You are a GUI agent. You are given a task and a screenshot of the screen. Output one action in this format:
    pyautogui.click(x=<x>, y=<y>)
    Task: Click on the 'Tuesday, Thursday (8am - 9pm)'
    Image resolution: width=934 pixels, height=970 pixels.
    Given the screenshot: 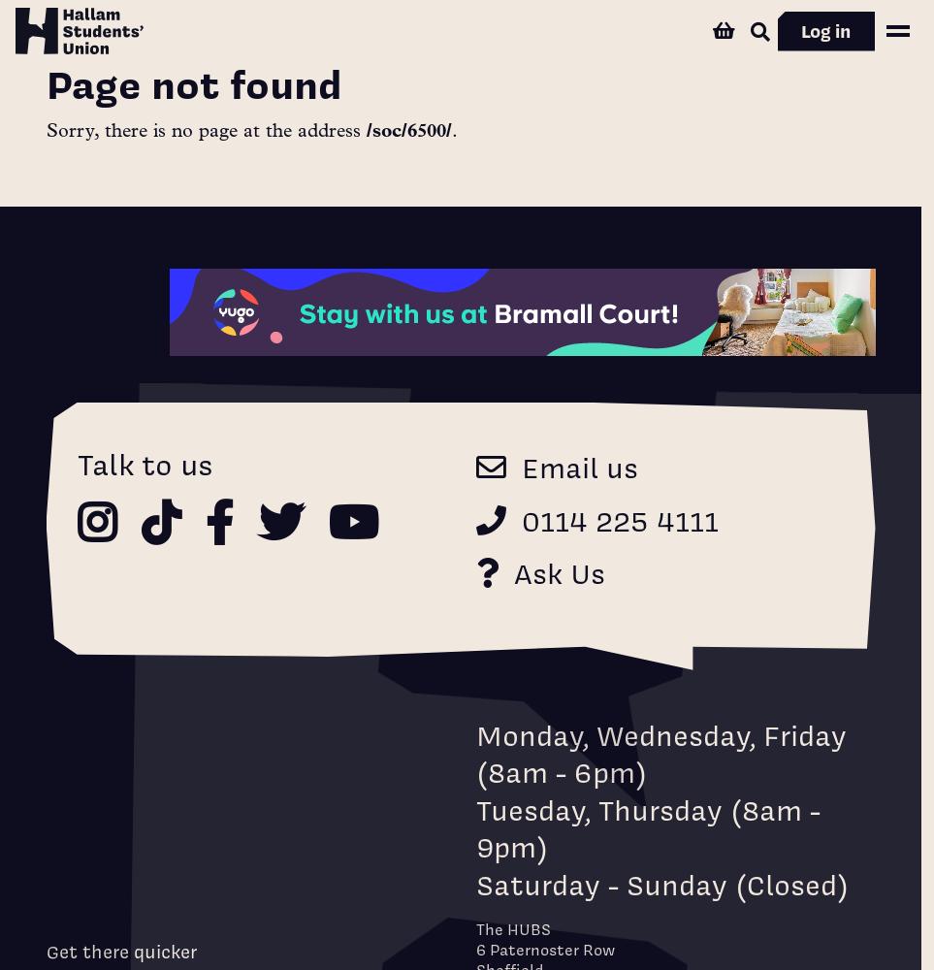 What is the action you would take?
    pyautogui.click(x=648, y=826)
    